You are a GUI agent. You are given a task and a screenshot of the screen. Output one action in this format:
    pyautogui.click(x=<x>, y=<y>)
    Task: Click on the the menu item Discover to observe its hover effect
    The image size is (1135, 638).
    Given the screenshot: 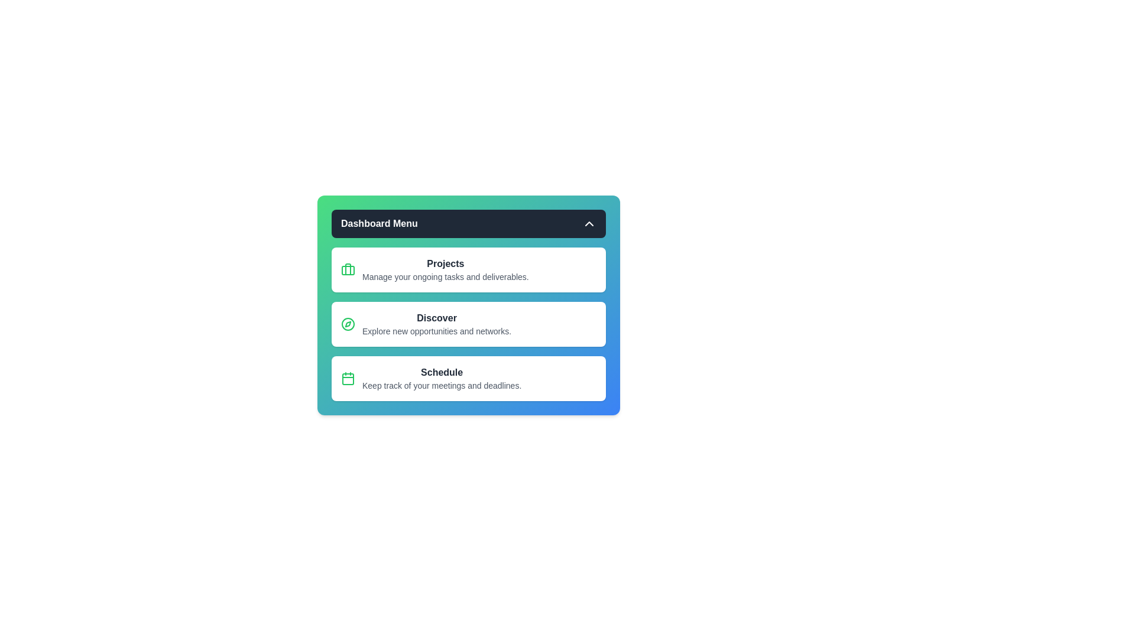 What is the action you would take?
    pyautogui.click(x=468, y=324)
    